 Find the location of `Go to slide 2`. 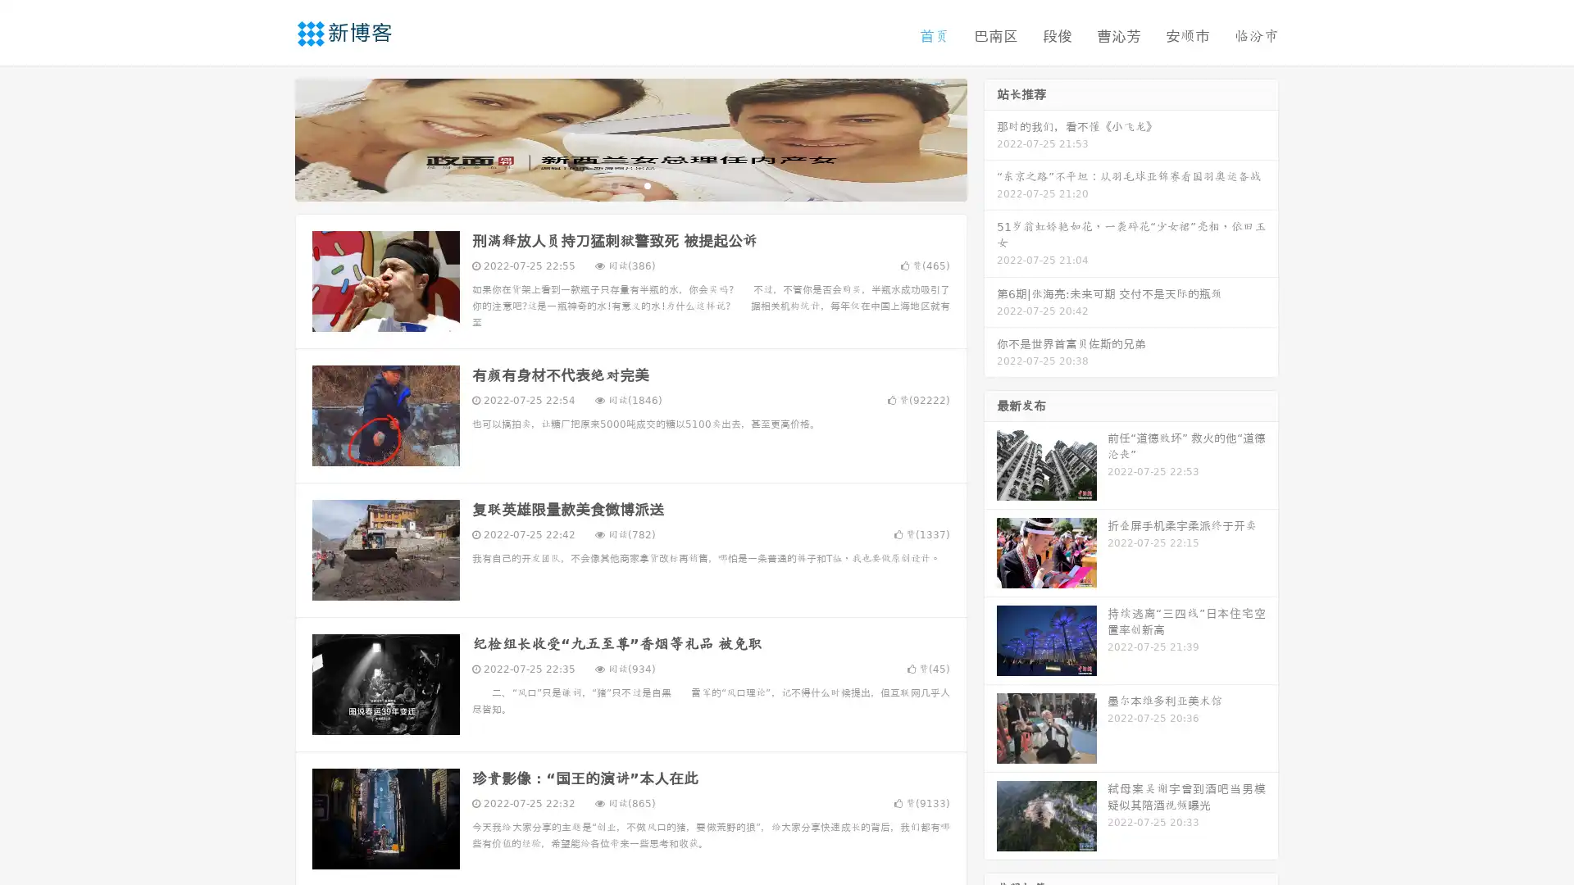

Go to slide 2 is located at coordinates (630, 184).